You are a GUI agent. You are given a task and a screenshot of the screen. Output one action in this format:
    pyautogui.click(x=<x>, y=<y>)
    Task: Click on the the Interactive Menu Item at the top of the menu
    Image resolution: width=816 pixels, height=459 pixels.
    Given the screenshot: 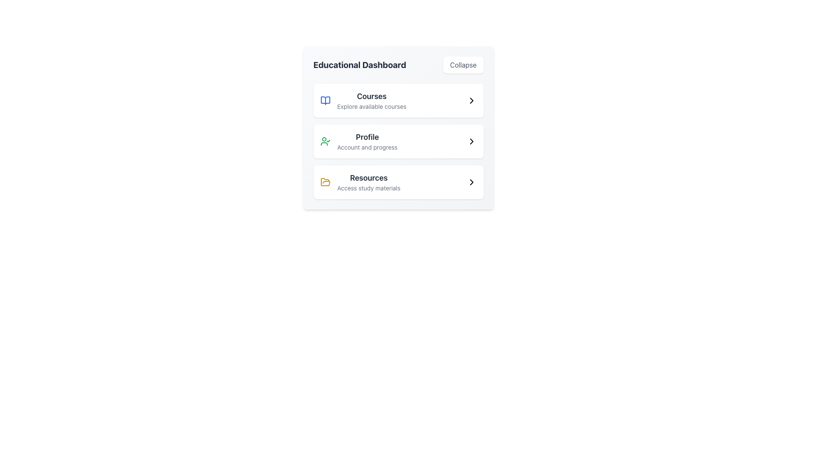 What is the action you would take?
    pyautogui.click(x=363, y=100)
    